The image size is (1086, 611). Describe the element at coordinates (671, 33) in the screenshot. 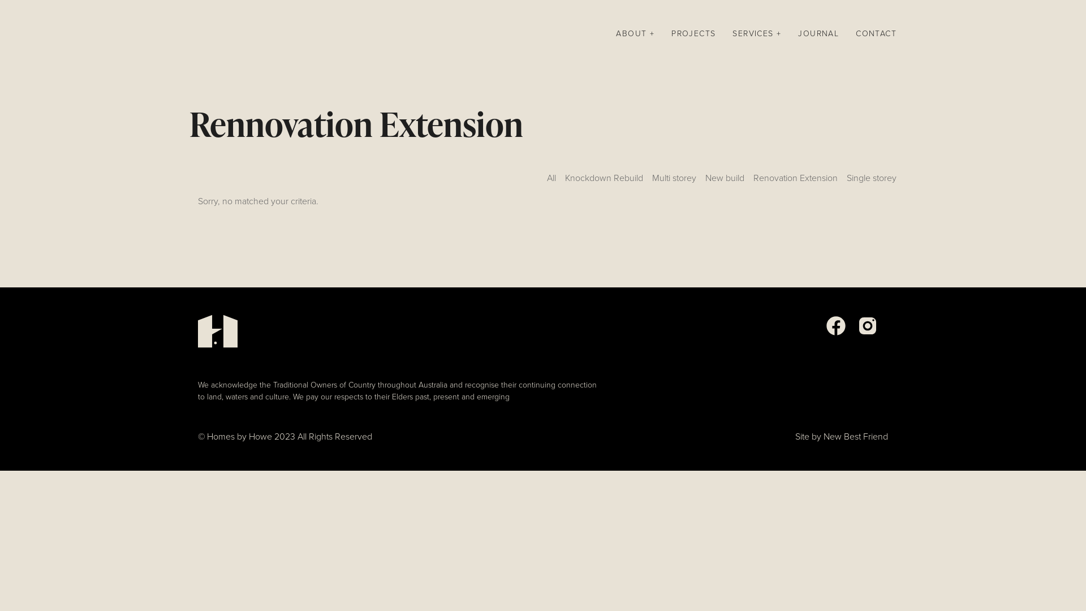

I see `'PROJECTS'` at that location.